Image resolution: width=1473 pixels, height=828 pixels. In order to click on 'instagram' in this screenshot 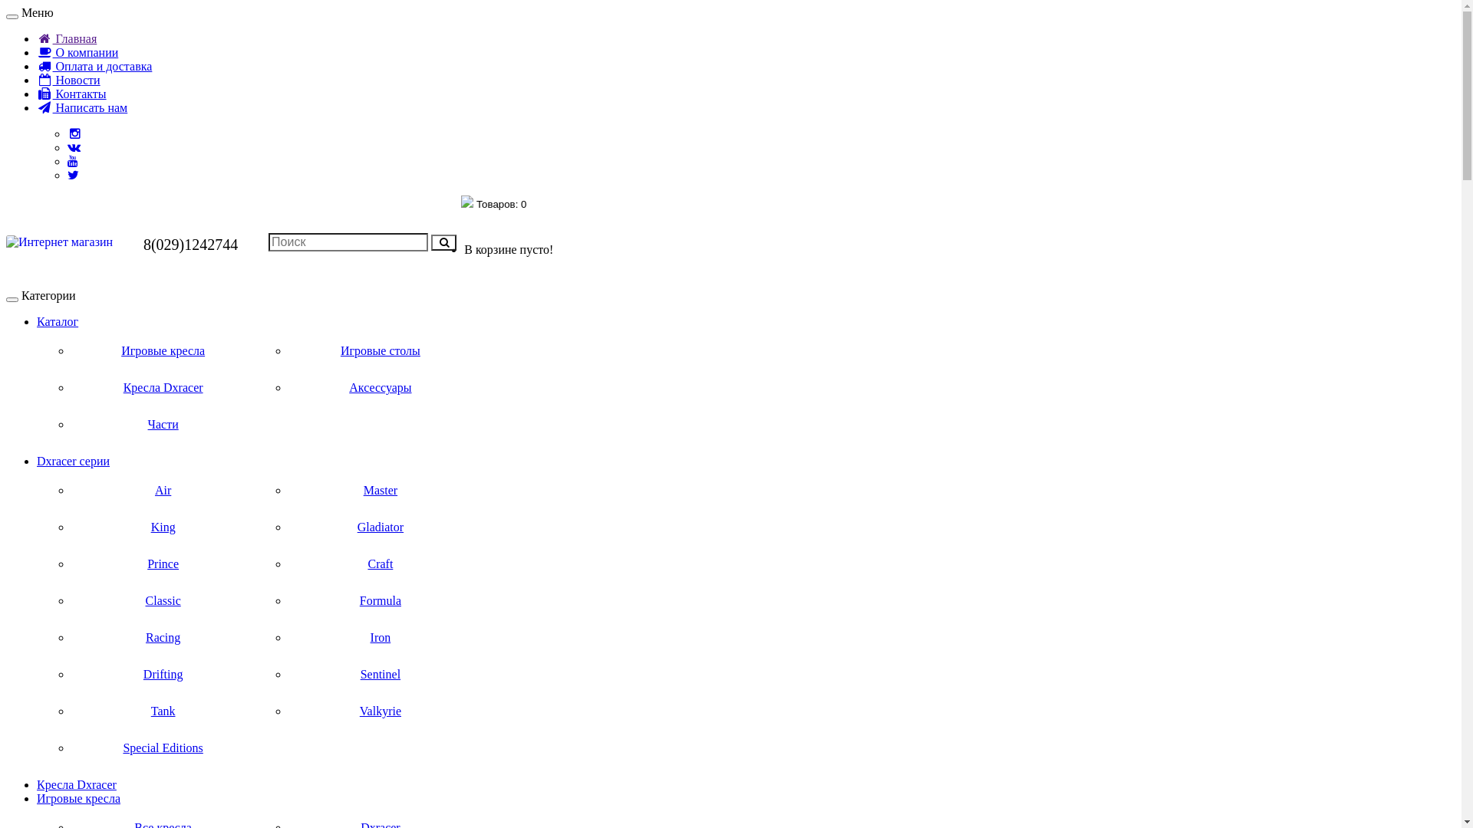, I will do `click(74, 133)`.